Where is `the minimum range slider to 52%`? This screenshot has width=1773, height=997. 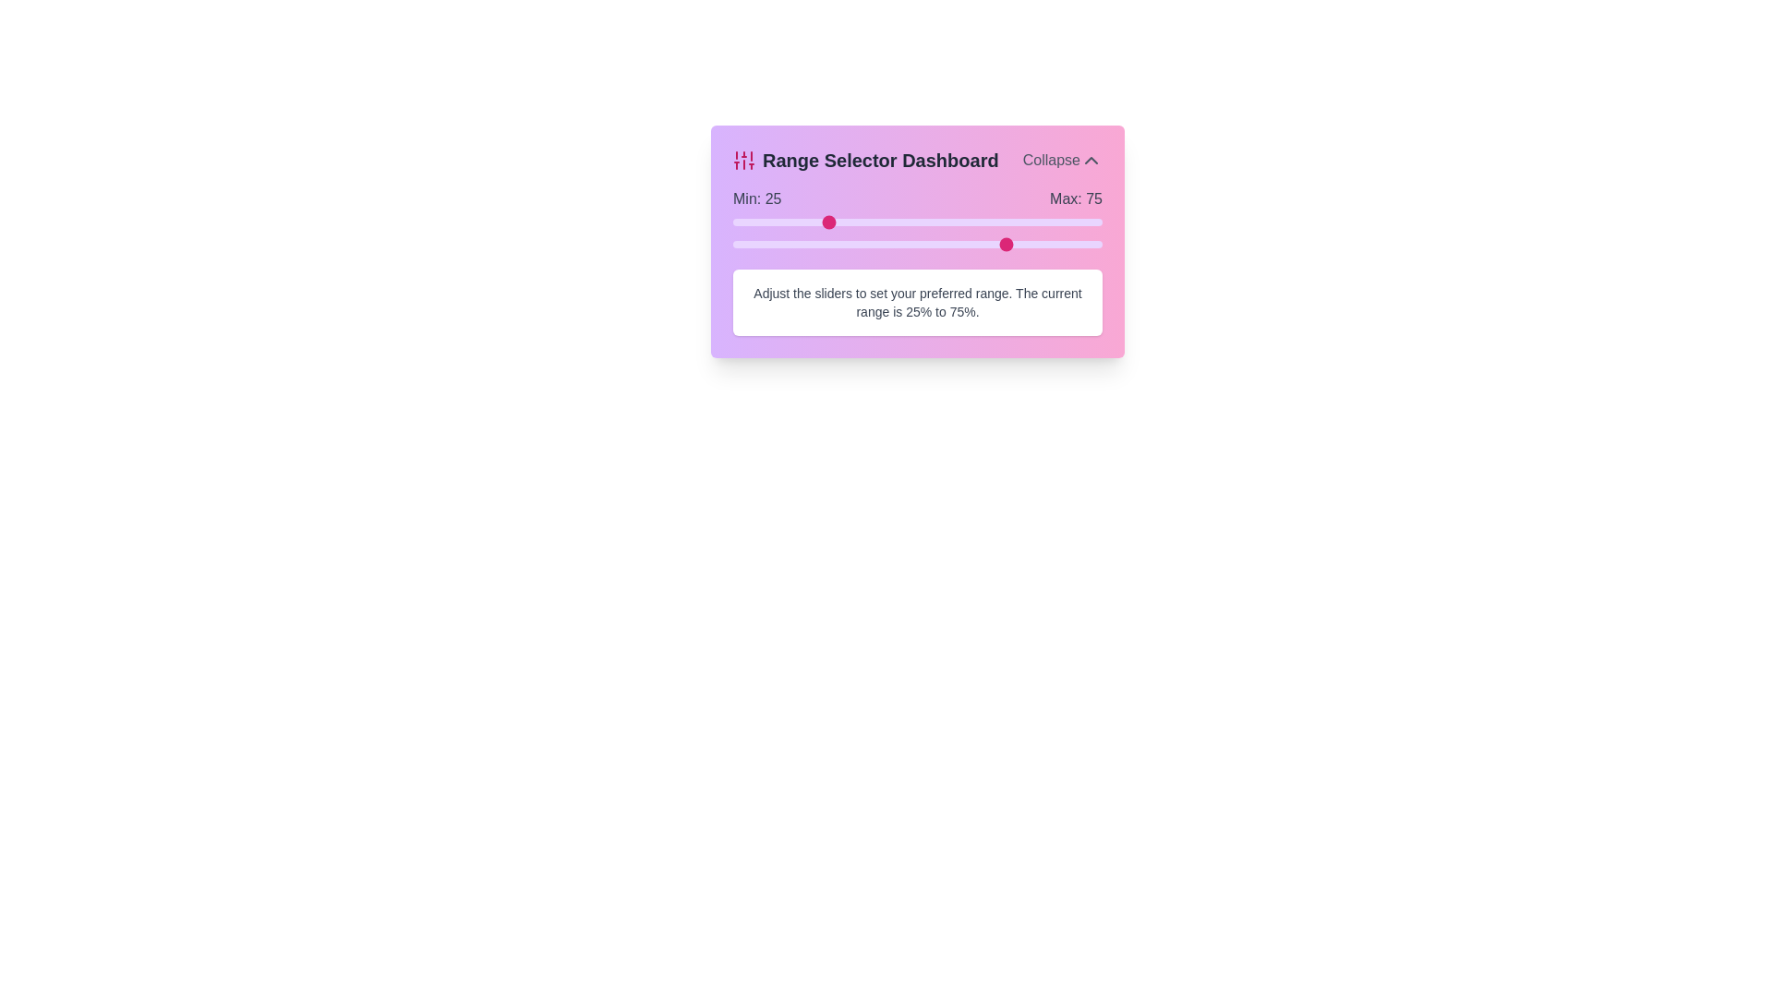 the minimum range slider to 52% is located at coordinates (925, 221).